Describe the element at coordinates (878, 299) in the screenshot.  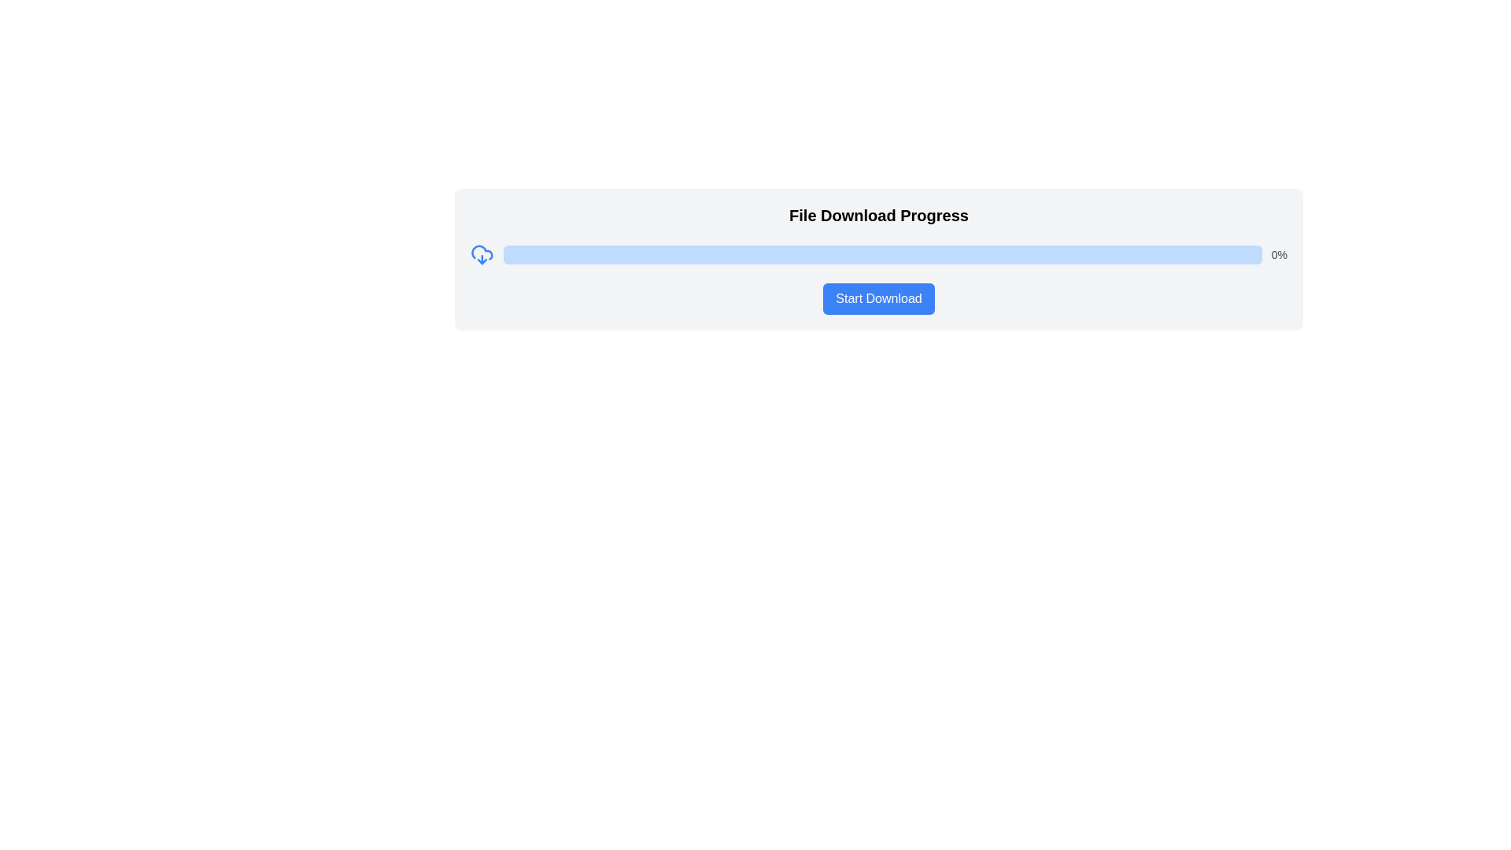
I see `the 'Start Download' button` at that location.